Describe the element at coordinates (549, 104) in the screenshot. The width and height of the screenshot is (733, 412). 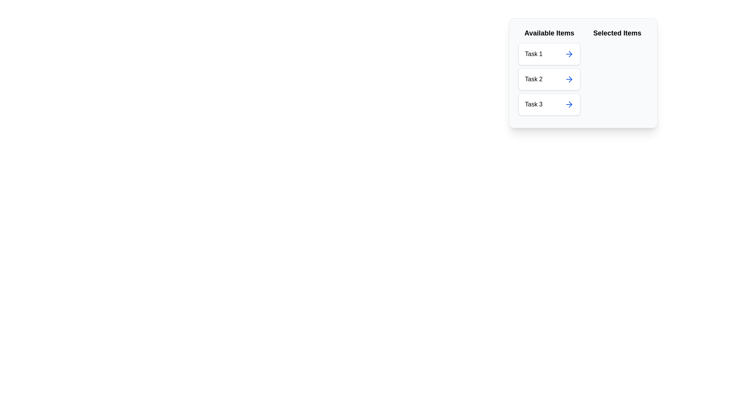
I see `the List item labeled 'Task 3' from the bottom of the 'Available Items' column` at that location.